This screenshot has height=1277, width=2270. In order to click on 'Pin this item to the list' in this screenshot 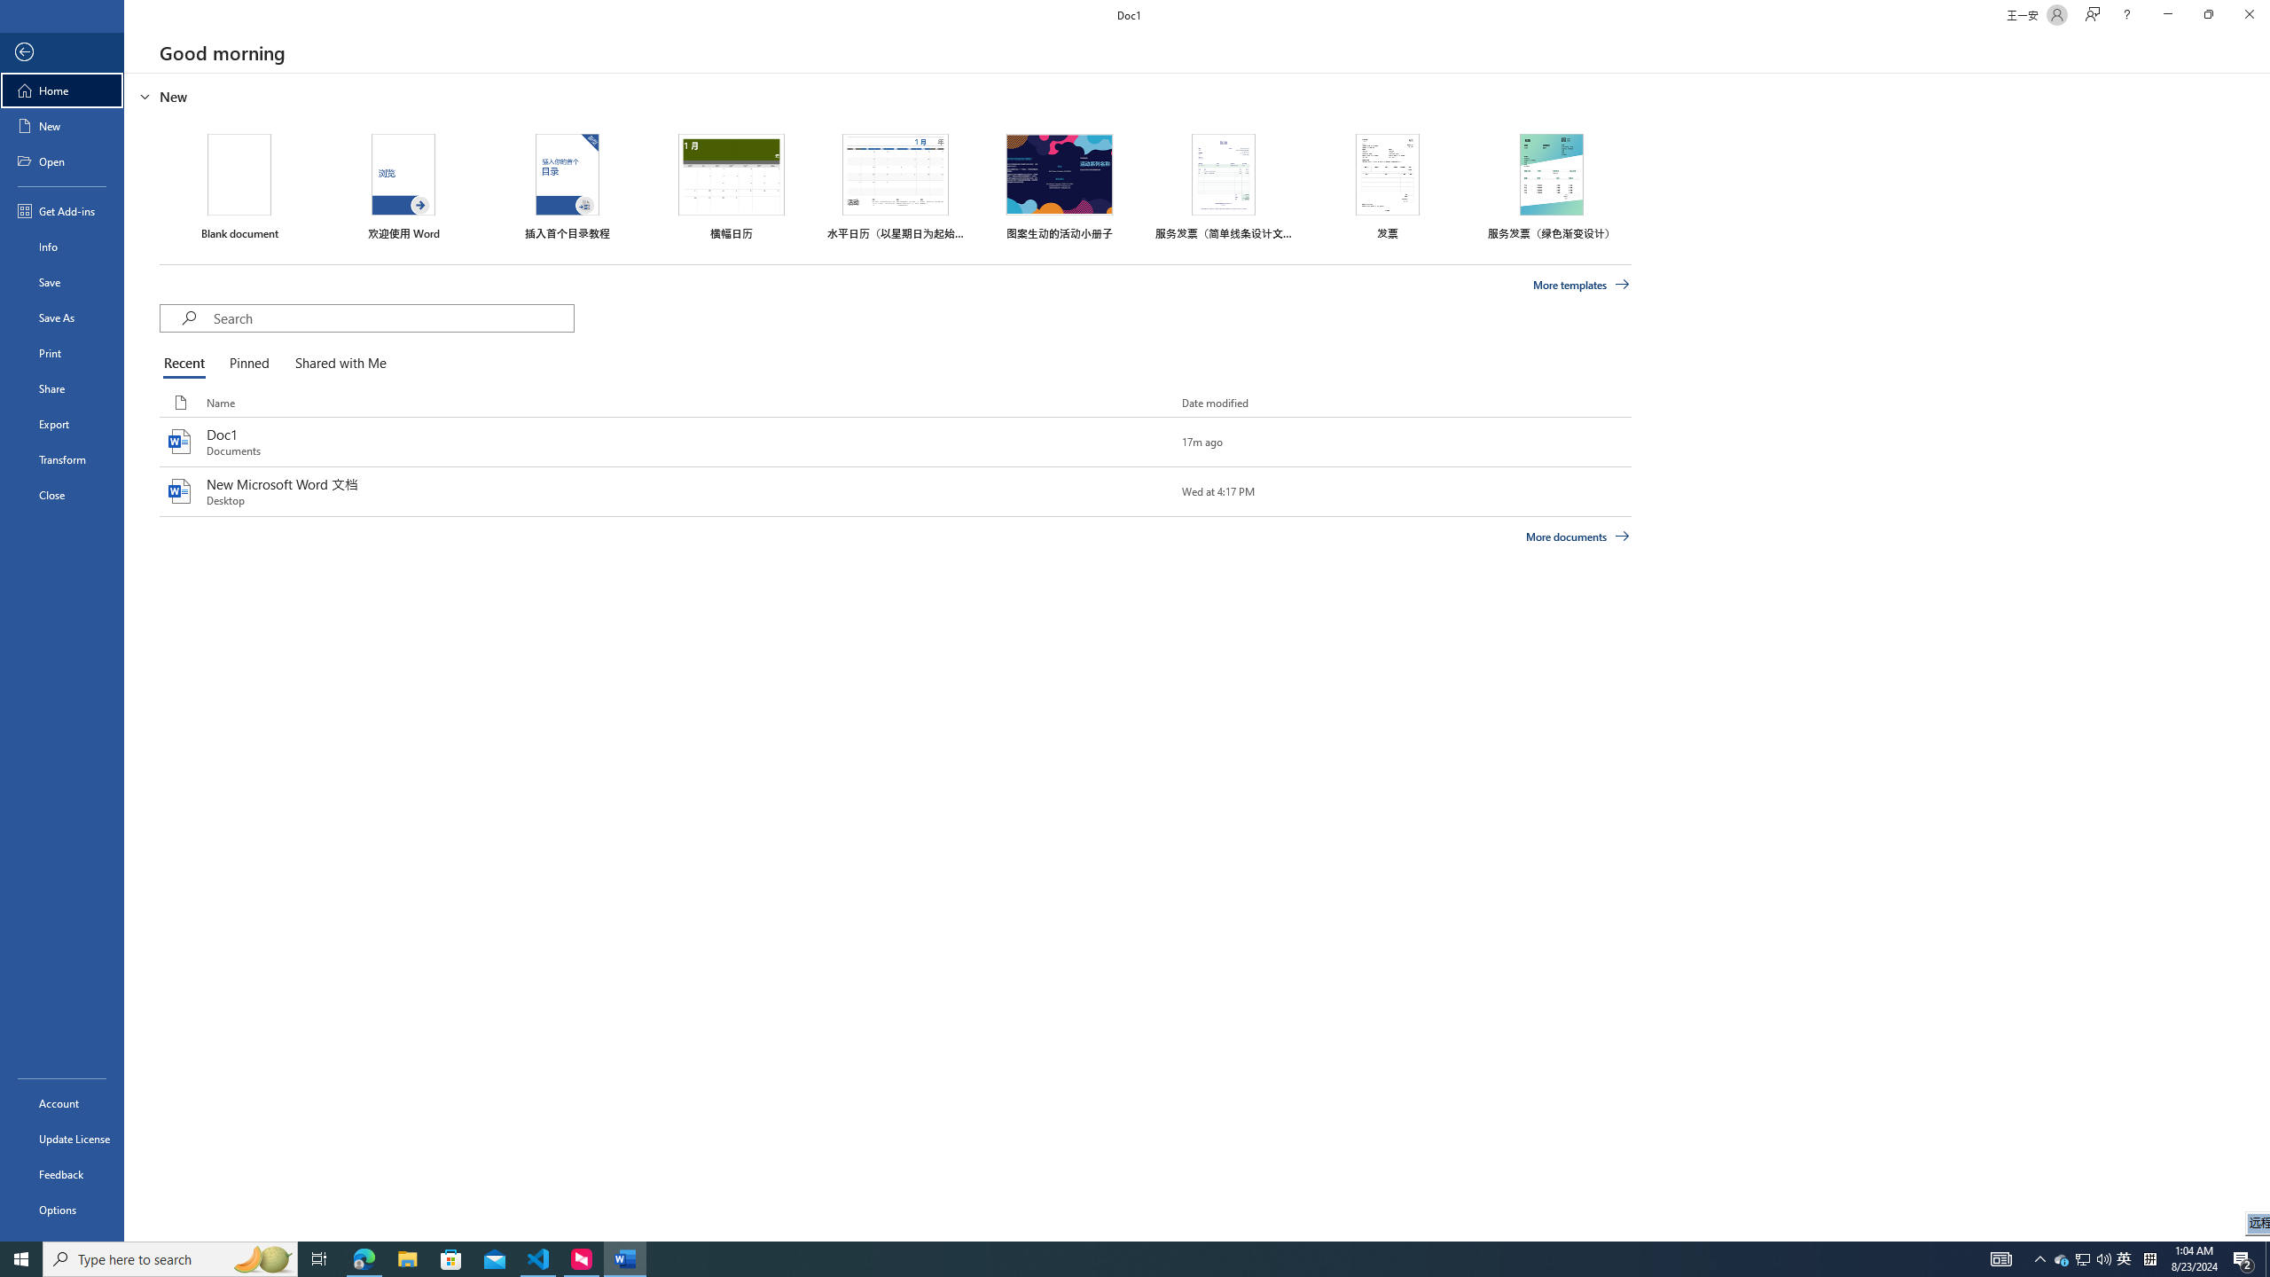, I will do `click(1153, 490)`.